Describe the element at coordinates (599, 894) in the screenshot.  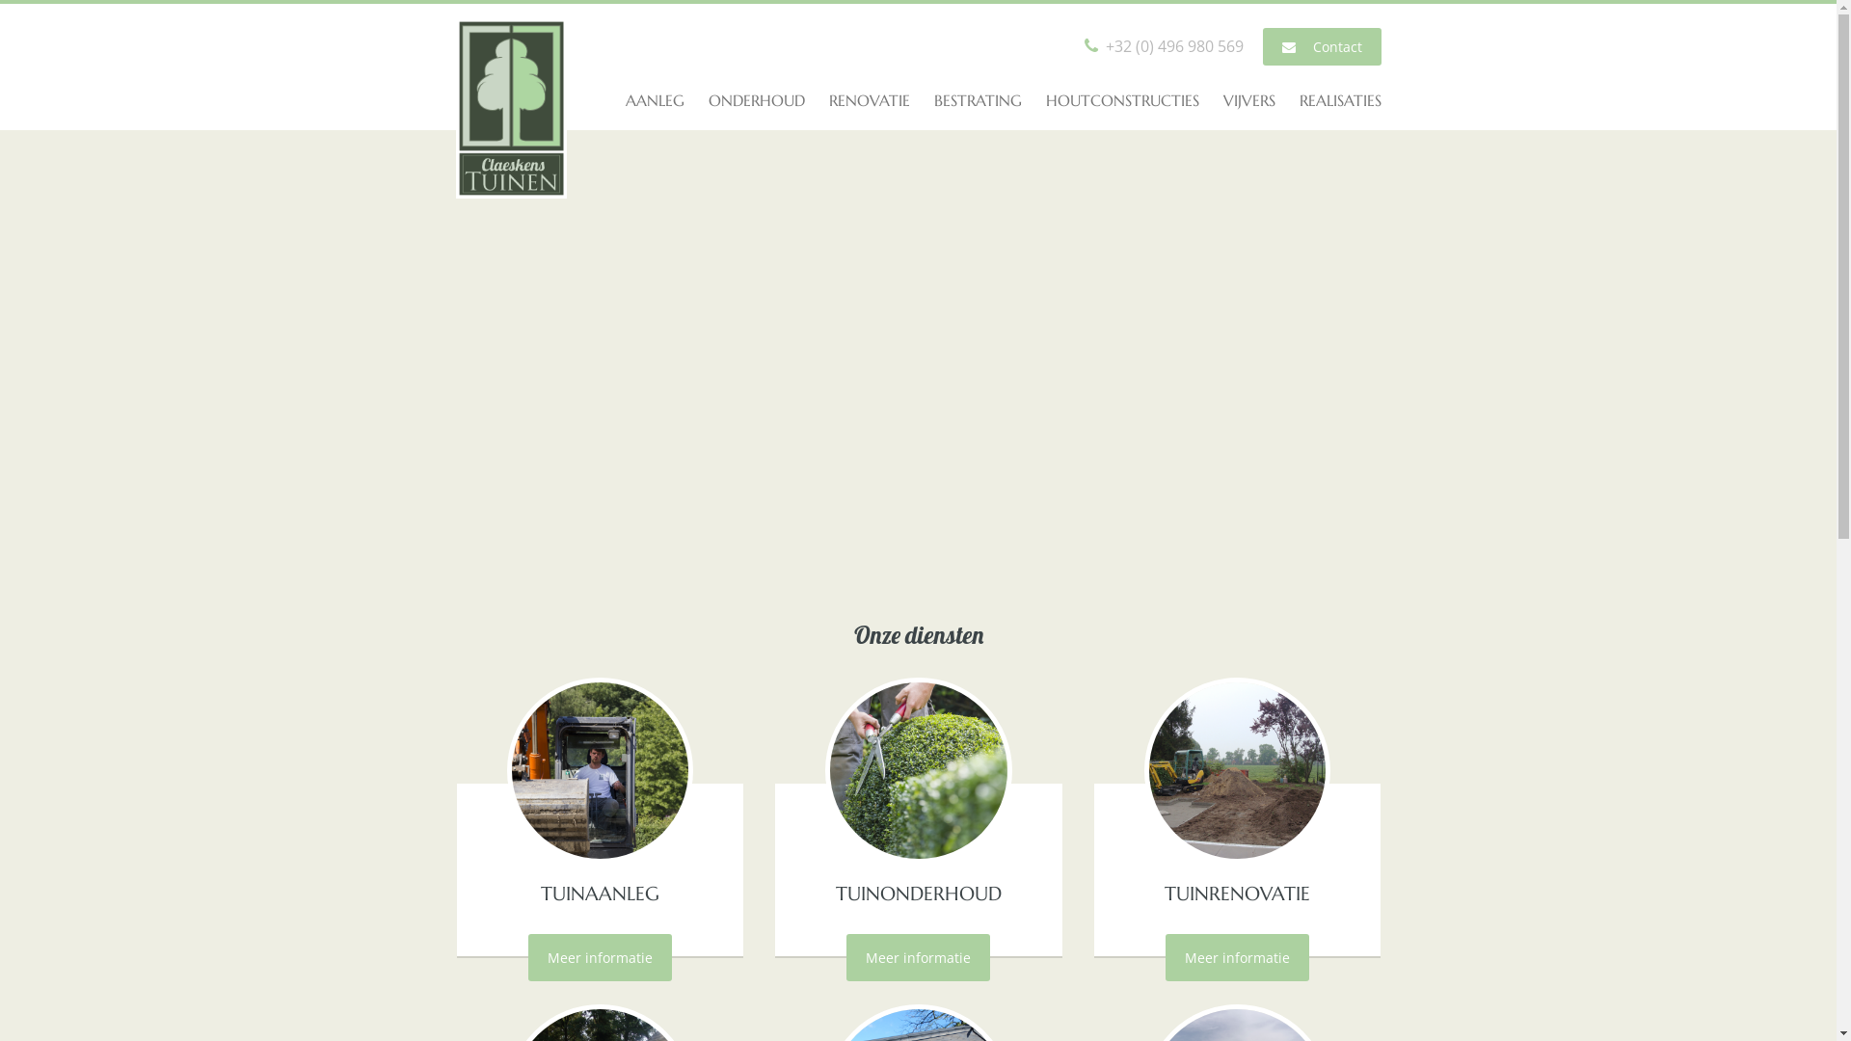
I see `'TUINAANLEG'` at that location.